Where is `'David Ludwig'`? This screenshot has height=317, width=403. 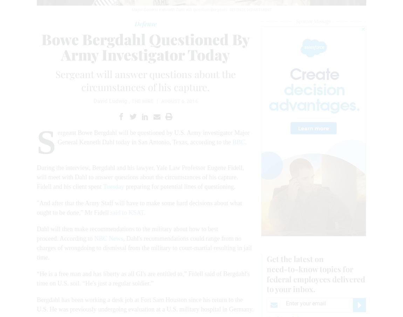 'David Ludwig' is located at coordinates (111, 101).